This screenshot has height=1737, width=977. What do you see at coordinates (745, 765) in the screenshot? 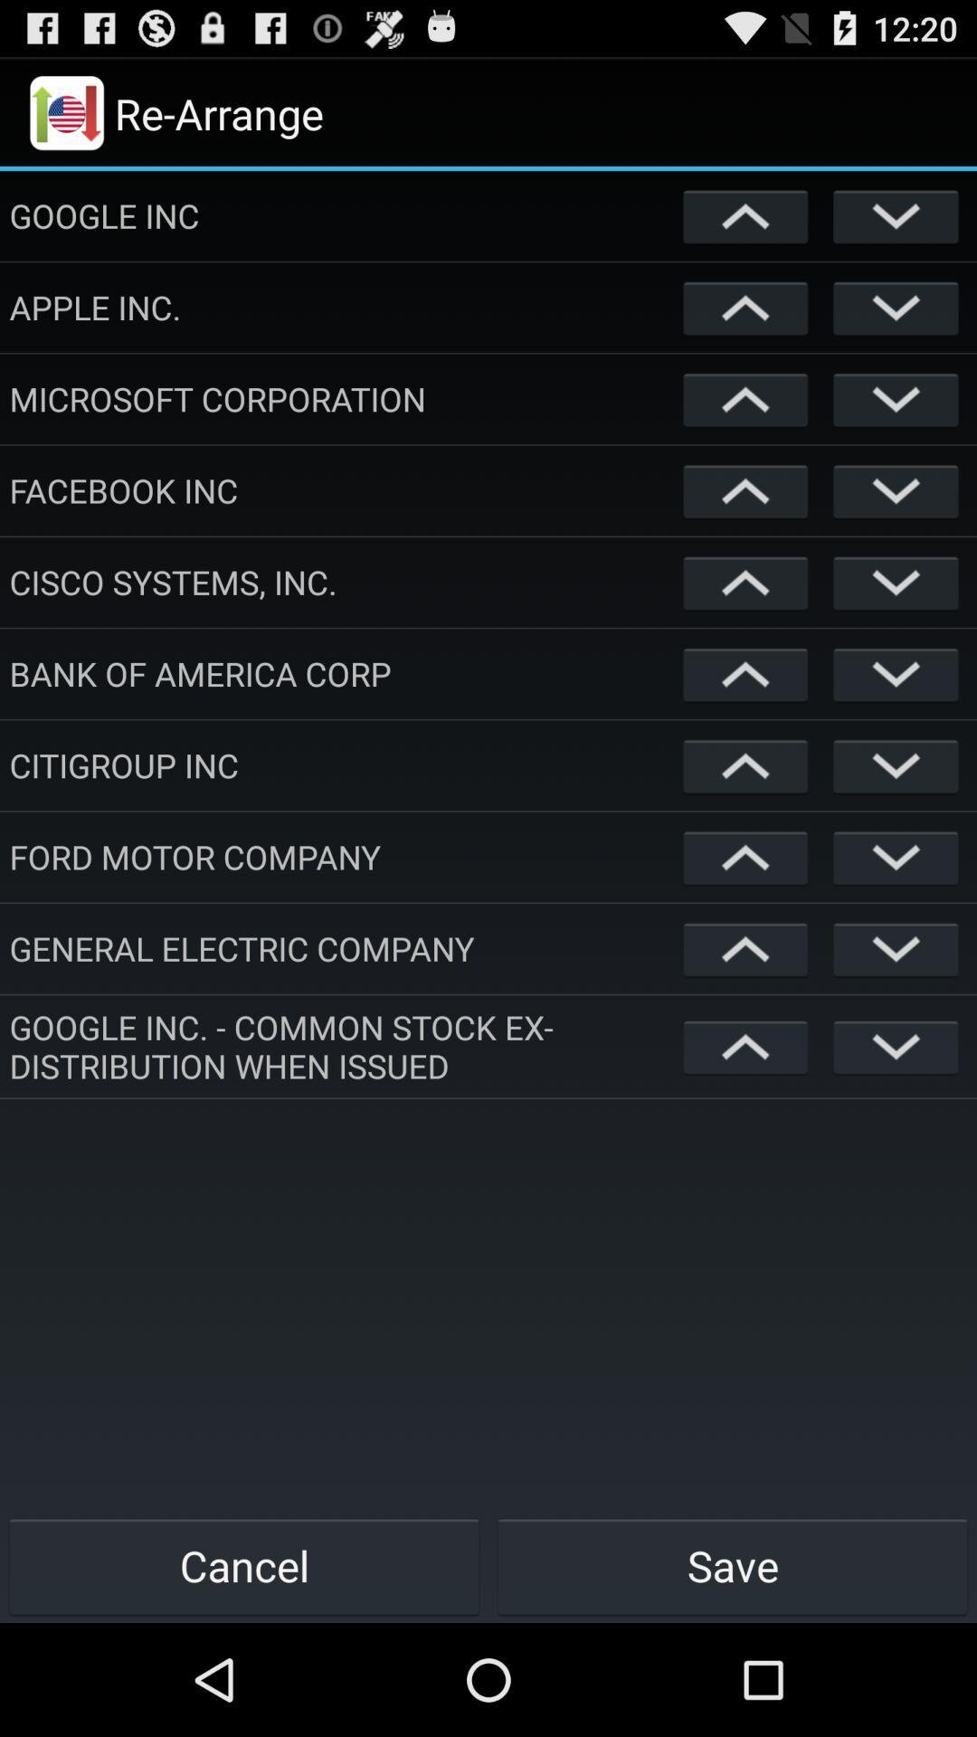
I see `select option` at bounding box center [745, 765].